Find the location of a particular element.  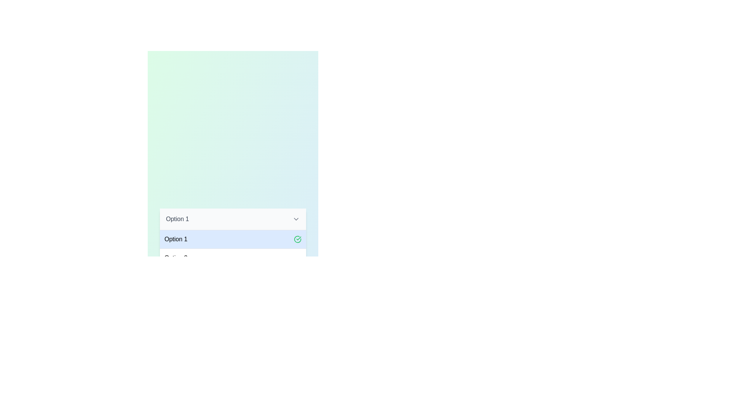

the dropdown option Option 1 is located at coordinates (232, 239).